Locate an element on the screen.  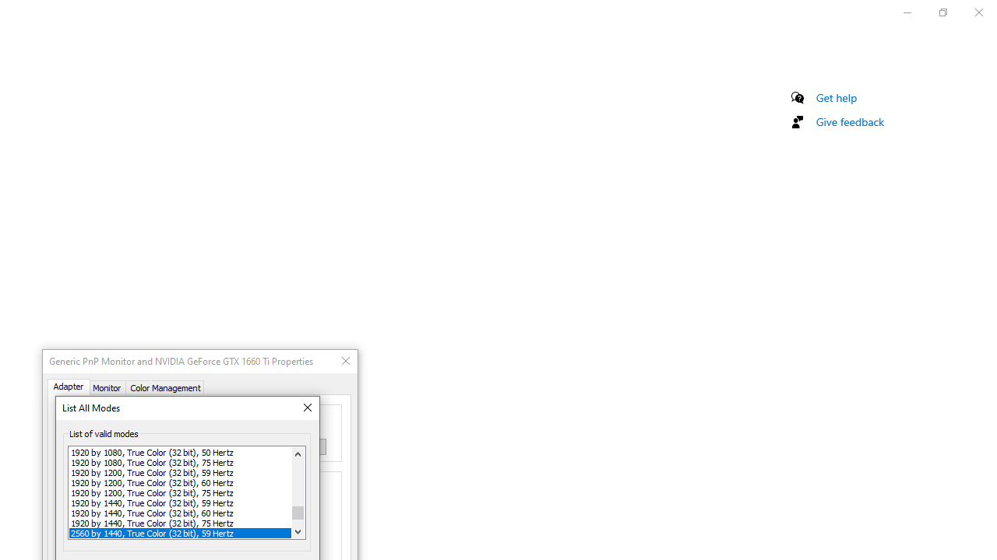
'Page up' is located at coordinates (298, 483).